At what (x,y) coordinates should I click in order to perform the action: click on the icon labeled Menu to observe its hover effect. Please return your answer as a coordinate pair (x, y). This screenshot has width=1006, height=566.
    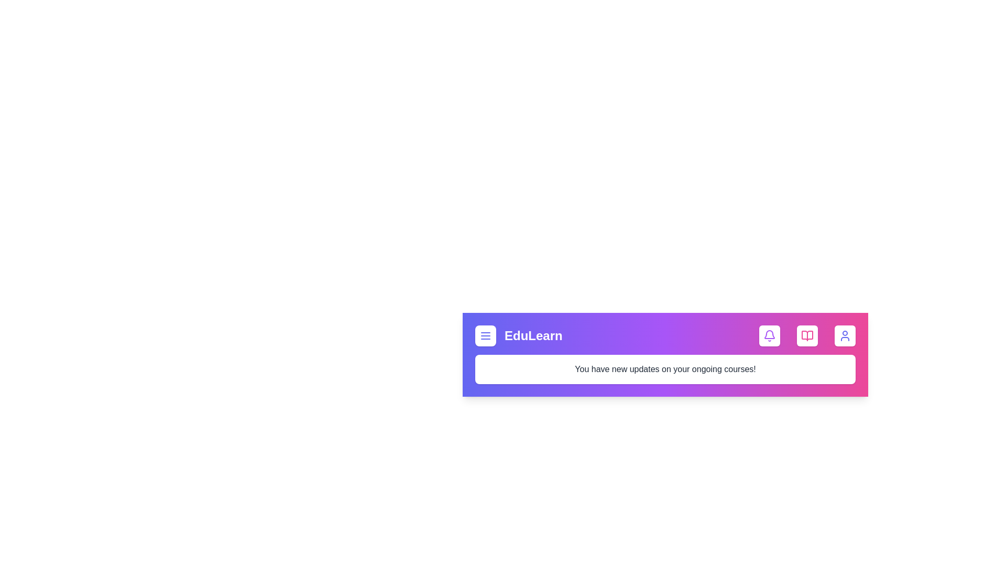
    Looking at the image, I should click on (485, 335).